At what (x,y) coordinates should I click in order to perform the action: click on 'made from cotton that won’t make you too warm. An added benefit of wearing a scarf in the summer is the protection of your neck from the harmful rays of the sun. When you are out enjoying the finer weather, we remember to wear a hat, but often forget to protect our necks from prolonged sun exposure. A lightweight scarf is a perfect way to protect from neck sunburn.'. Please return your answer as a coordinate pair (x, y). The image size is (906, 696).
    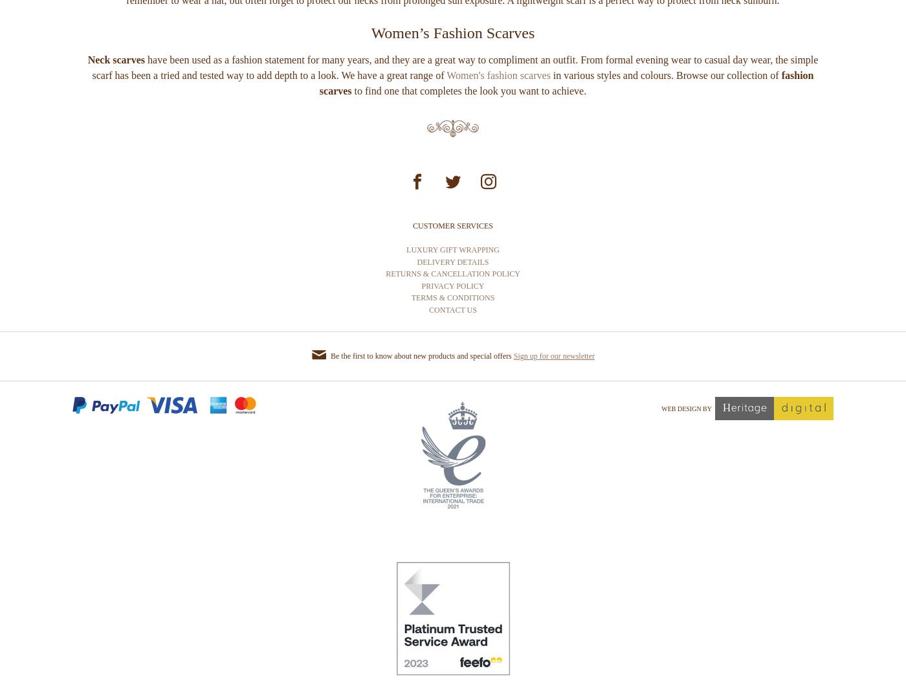
    Looking at the image, I should click on (456, 33).